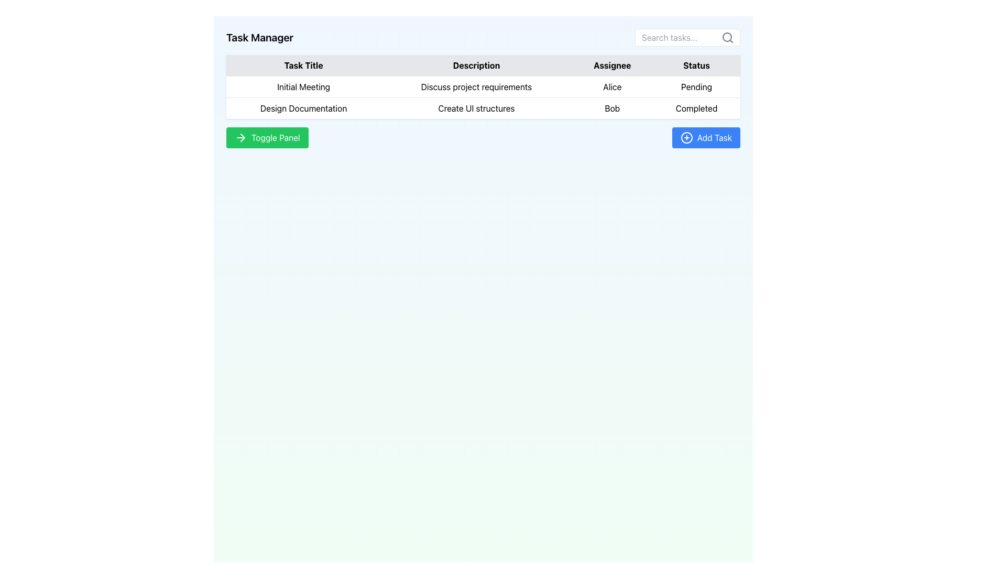 The height and width of the screenshot is (566, 1006). I want to click on the text label displaying 'Alice', which is located under the 'Assignee' heading in the task row for 'Initial Meeting', so click(612, 86).